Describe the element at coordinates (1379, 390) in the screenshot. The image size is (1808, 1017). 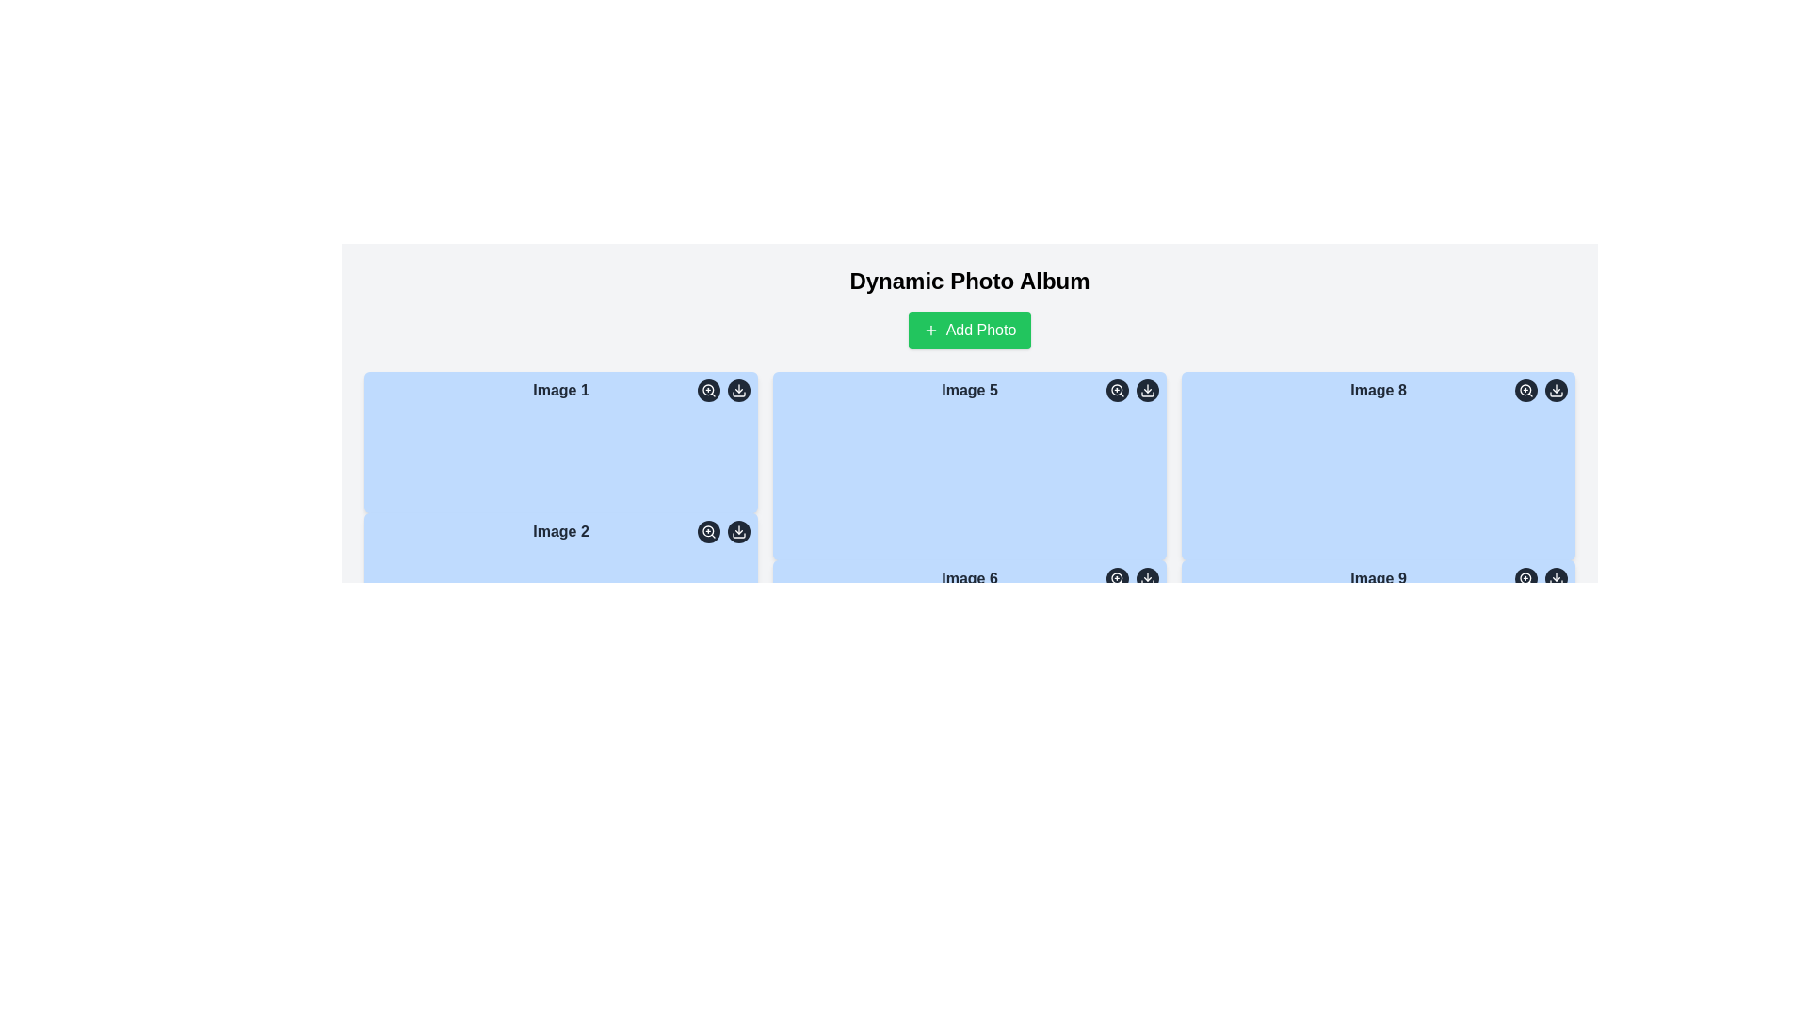
I see `the text label at the top-center of the light blue image card that represents the 8th image in the grid` at that location.